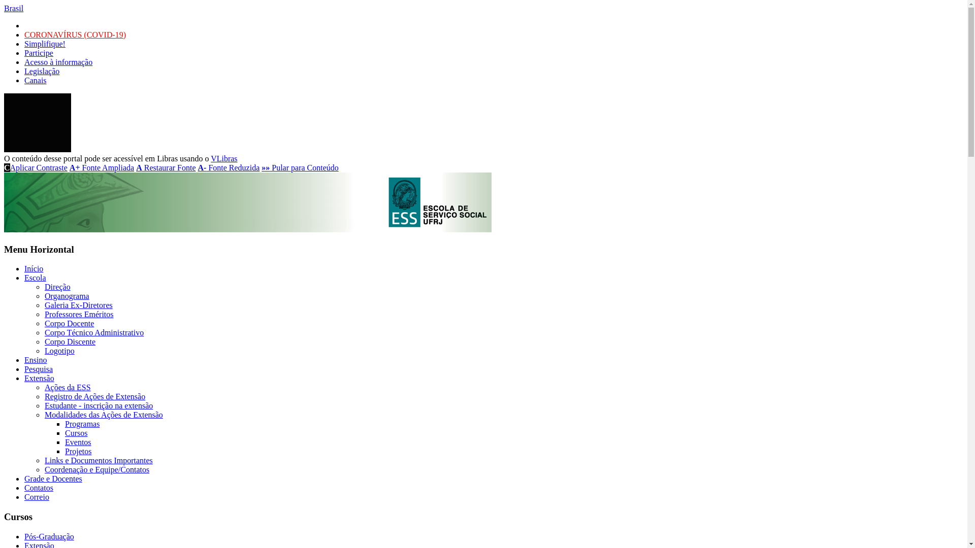 This screenshot has width=975, height=548. Describe the element at coordinates (39, 369) in the screenshot. I see `'Pesquisa'` at that location.